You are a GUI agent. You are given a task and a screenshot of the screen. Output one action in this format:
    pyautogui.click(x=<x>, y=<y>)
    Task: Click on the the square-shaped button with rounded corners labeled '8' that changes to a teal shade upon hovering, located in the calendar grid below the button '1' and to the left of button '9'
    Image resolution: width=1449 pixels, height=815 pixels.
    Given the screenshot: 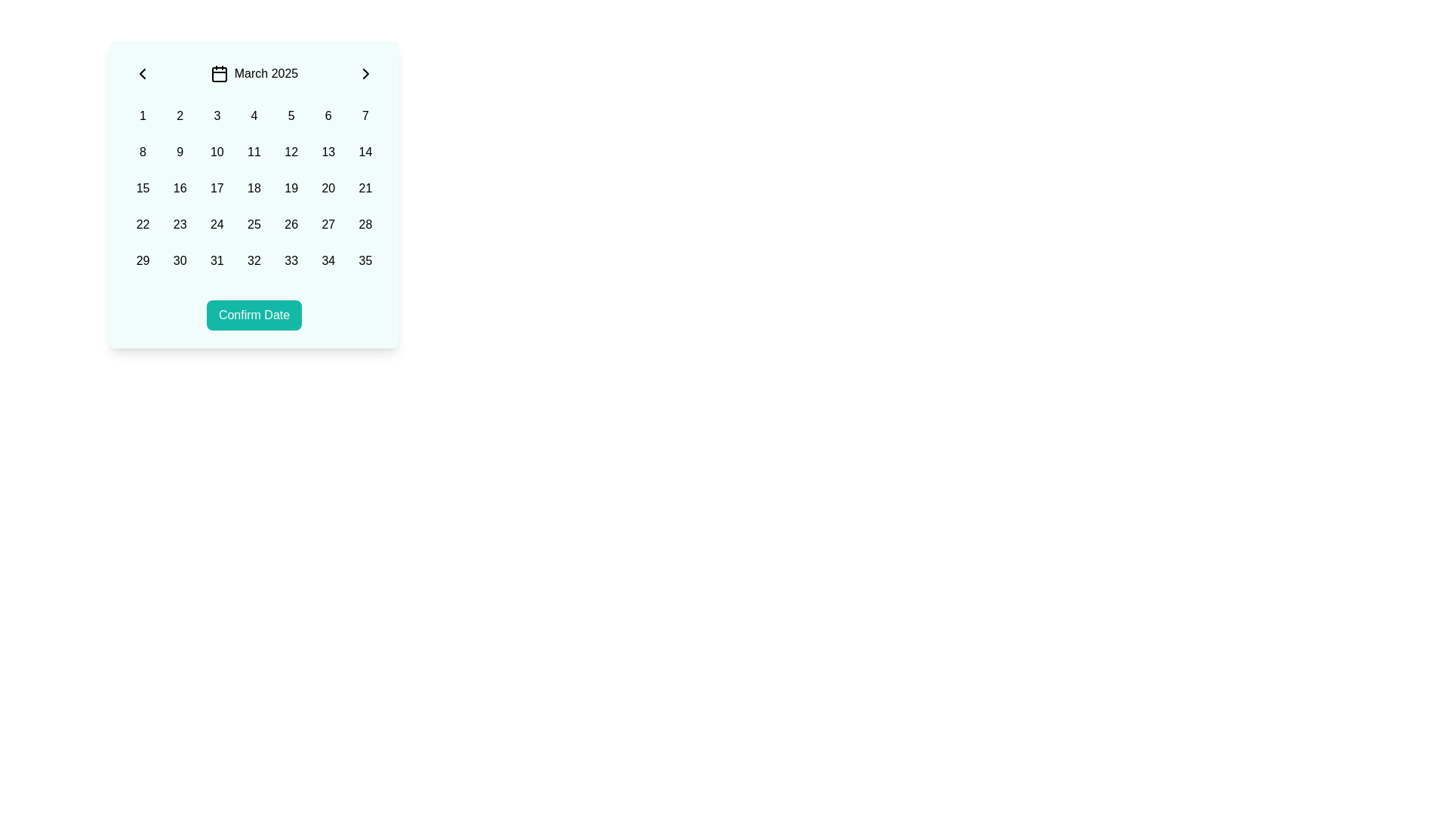 What is the action you would take?
    pyautogui.click(x=143, y=152)
    